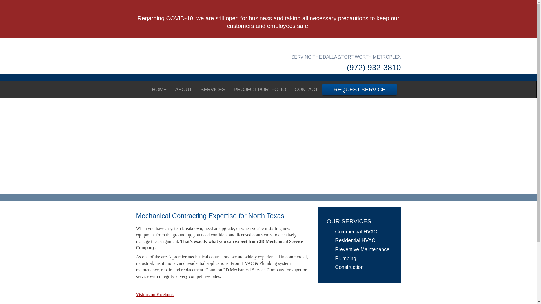 Image resolution: width=541 pixels, height=304 pixels. Describe the element at coordinates (159, 89) in the screenshot. I see `'HOME'` at that location.